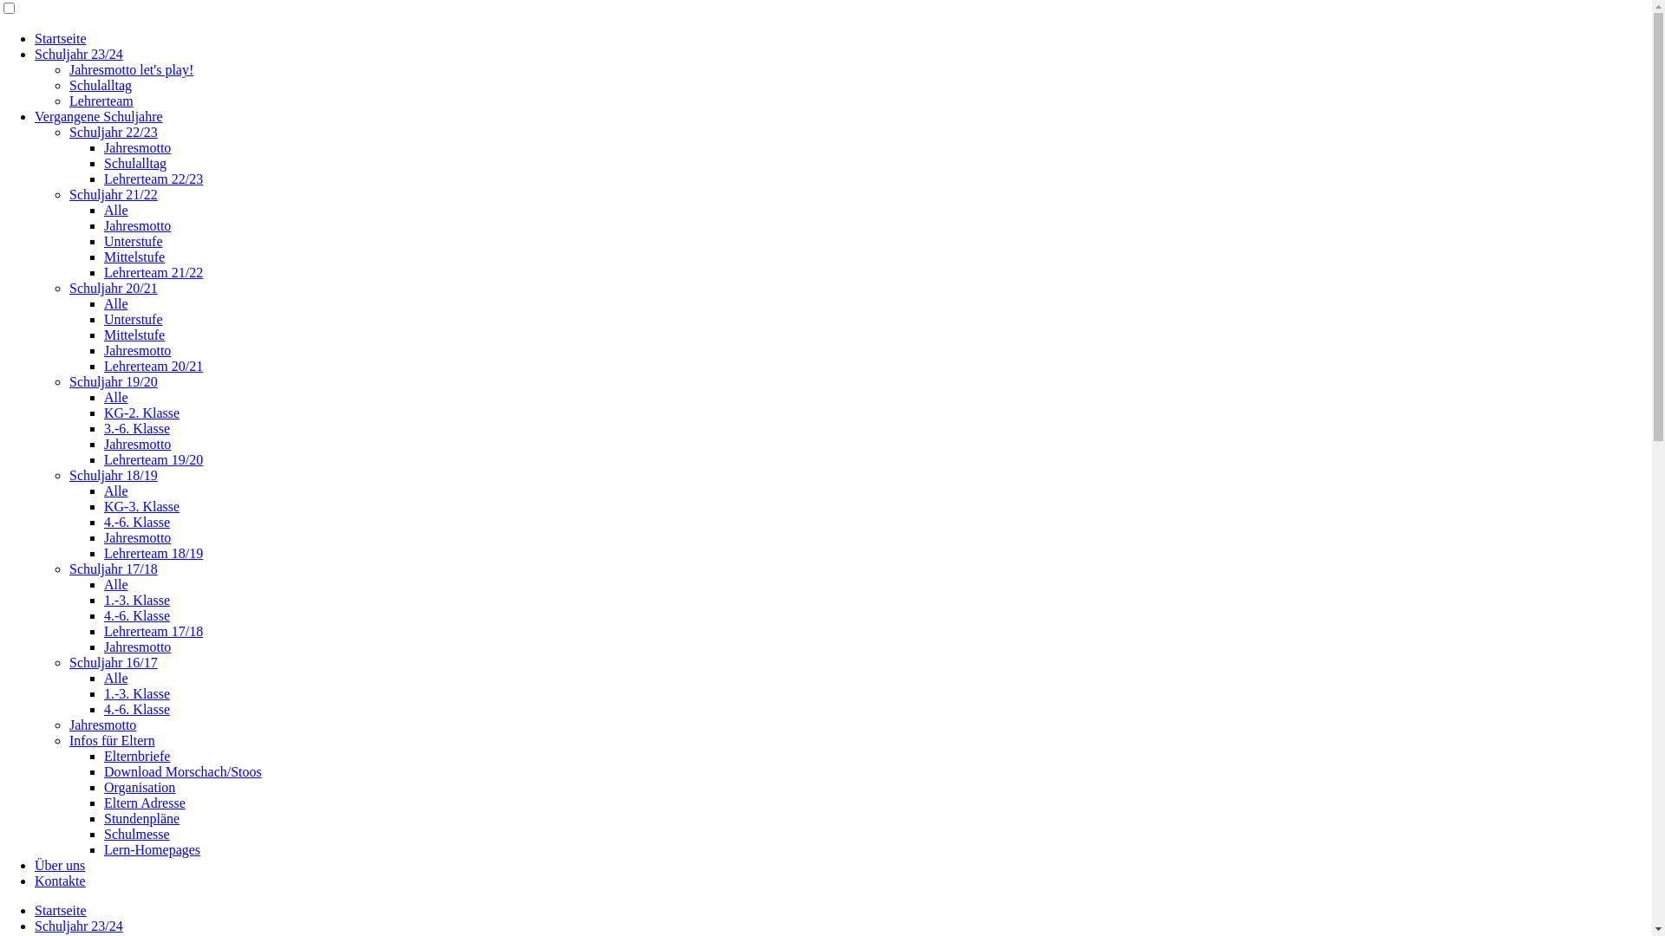 The width and height of the screenshot is (1665, 936). I want to click on 'Schuljahr 18/19', so click(112, 475).